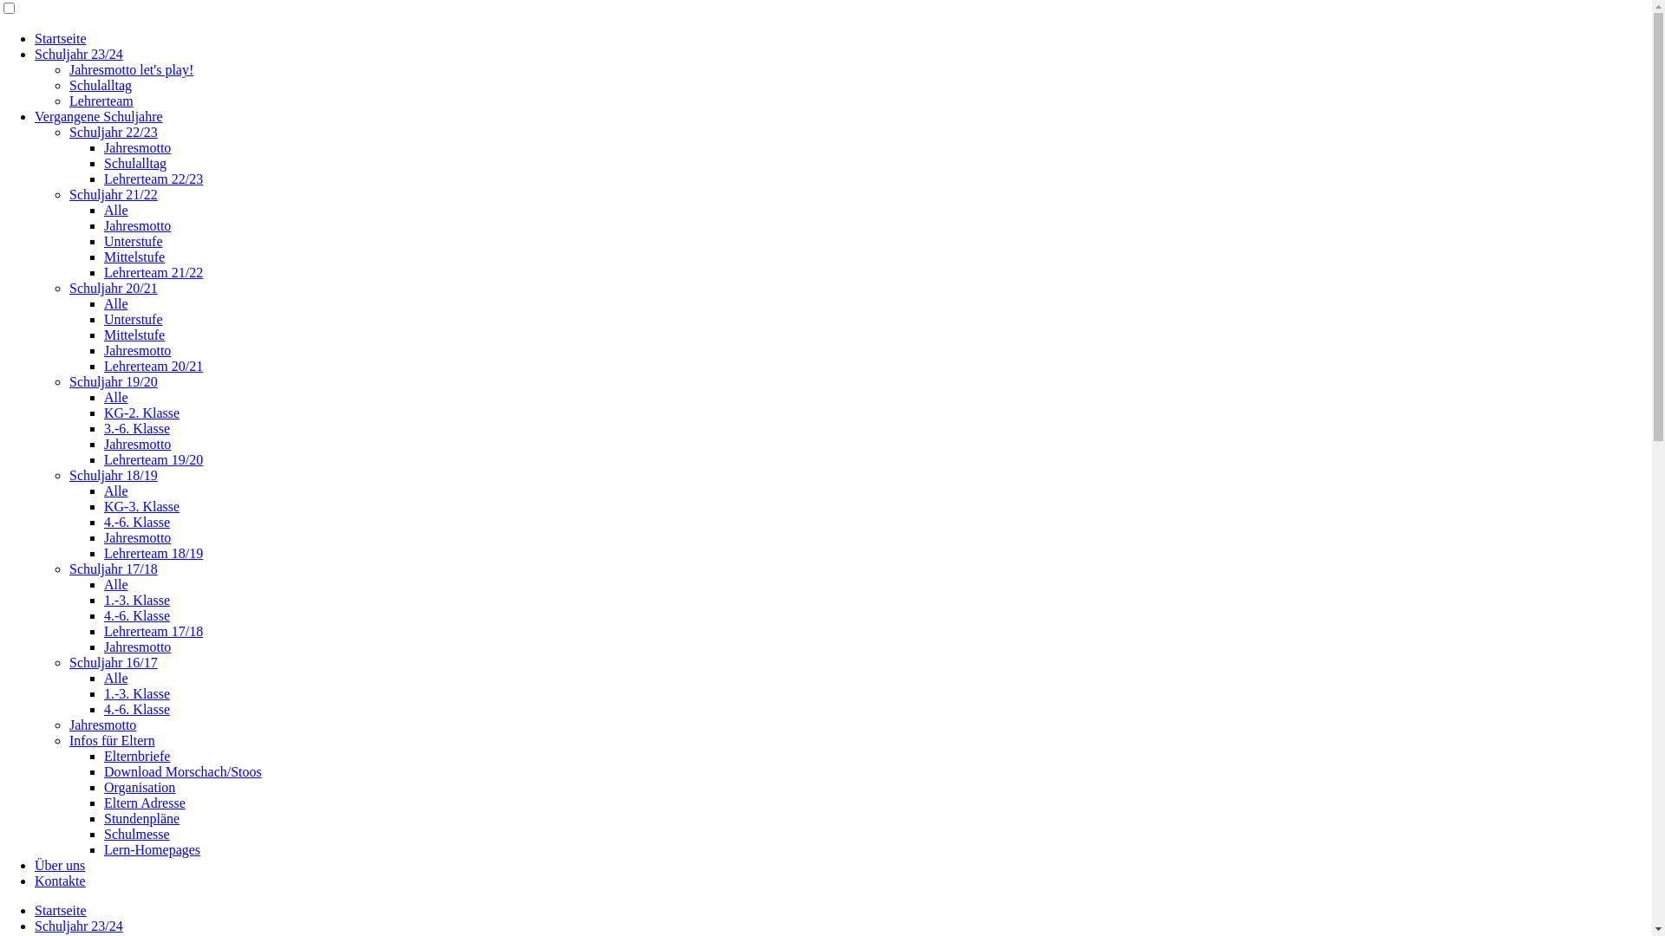 The width and height of the screenshot is (1665, 936). I want to click on 'Schuljahr 18/19', so click(112, 475).